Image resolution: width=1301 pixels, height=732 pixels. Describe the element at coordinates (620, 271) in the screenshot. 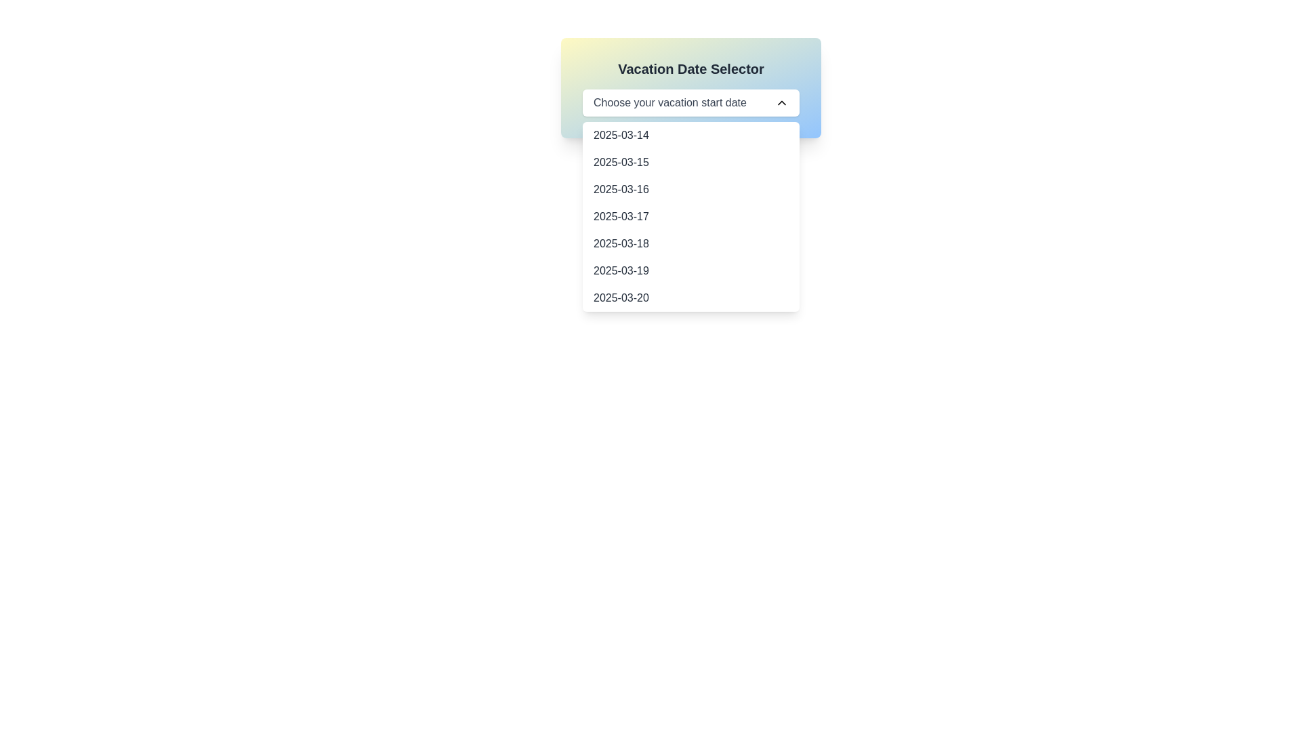

I see `the sixth date option in the 'Vacation Date Selector' dropdown list` at that location.